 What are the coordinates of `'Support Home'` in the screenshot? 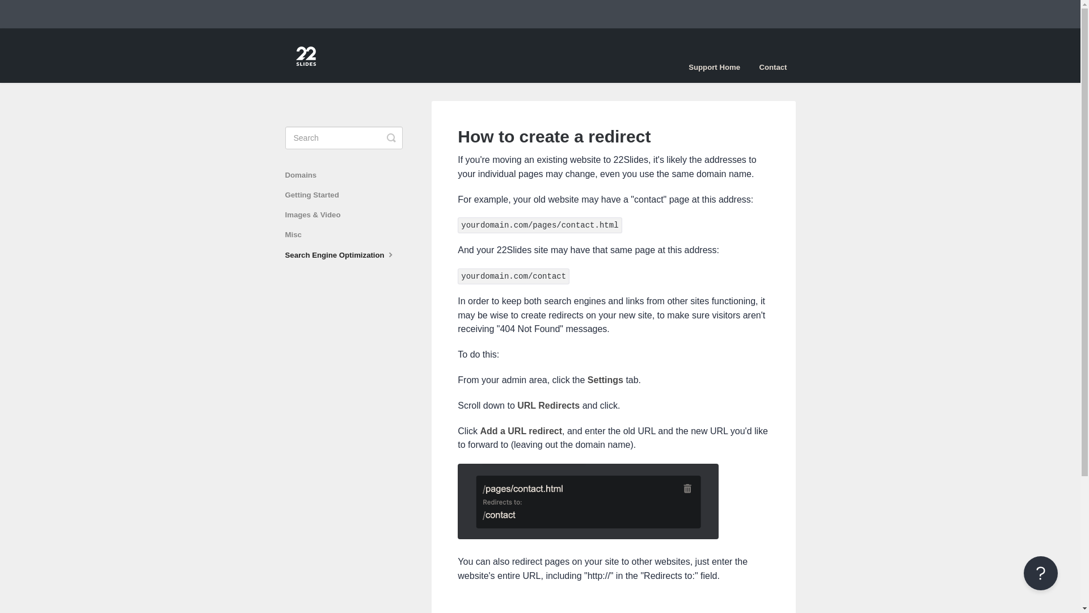 It's located at (714, 68).